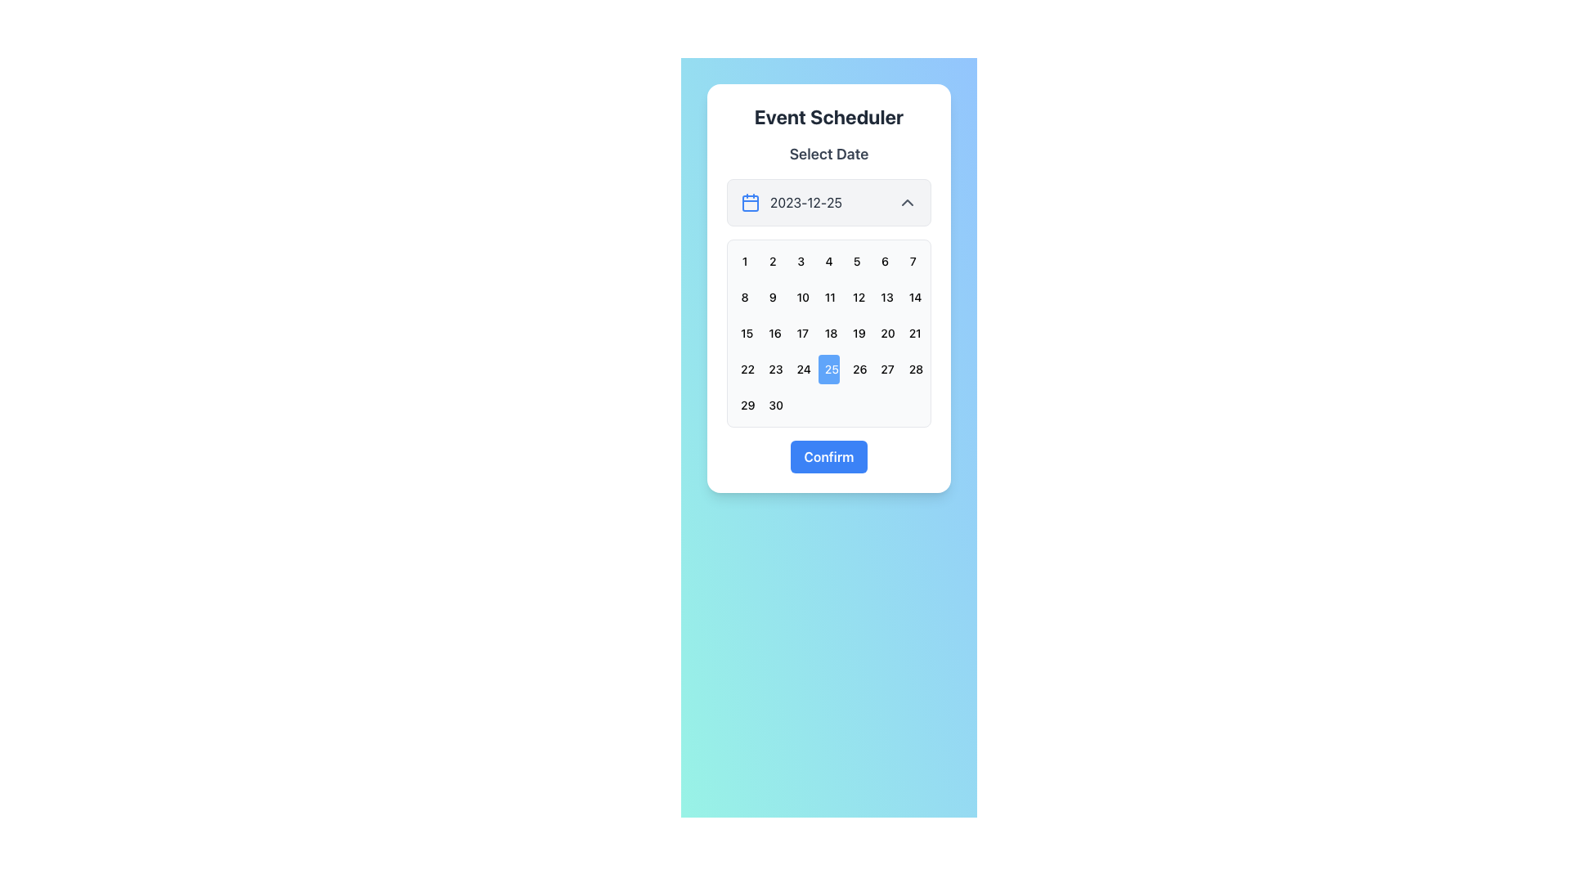 This screenshot has height=883, width=1570. I want to click on the interactive calendar date cell displaying the number '17', so click(801, 333).